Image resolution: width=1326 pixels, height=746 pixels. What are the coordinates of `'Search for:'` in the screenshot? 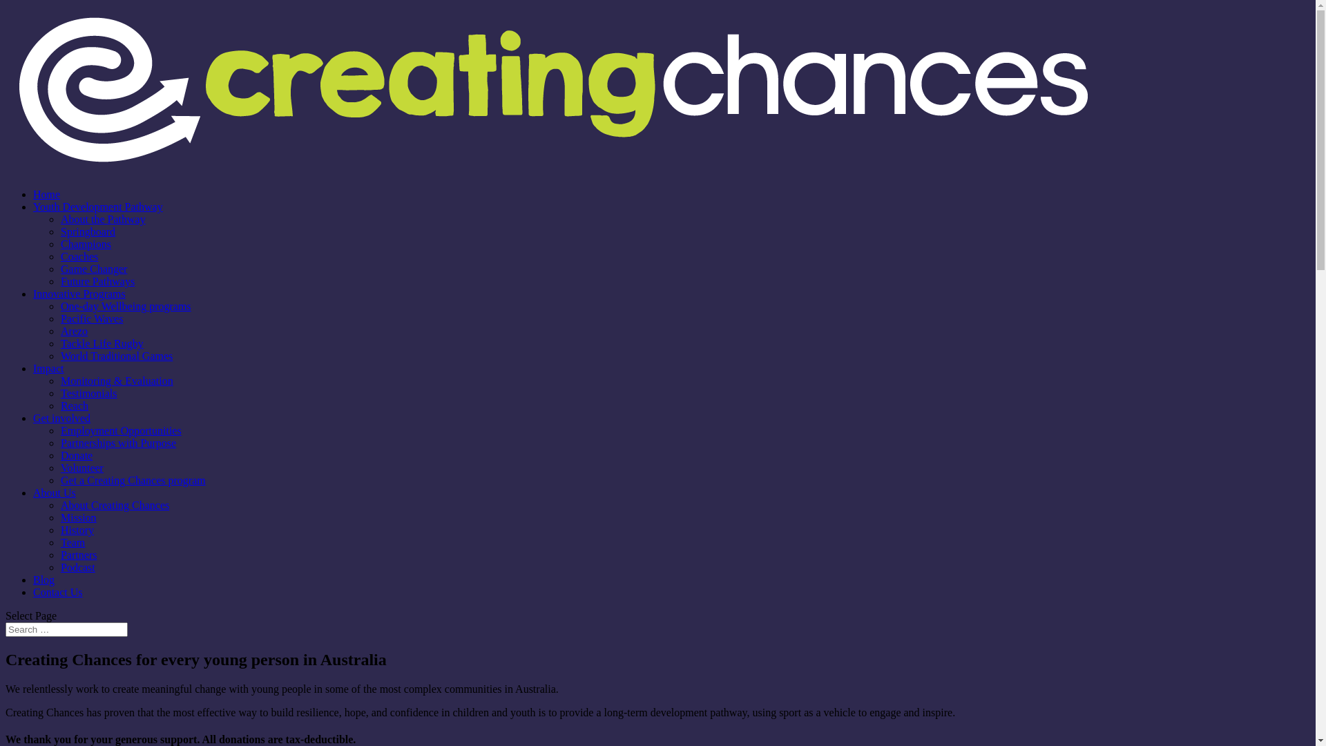 It's located at (6, 629).